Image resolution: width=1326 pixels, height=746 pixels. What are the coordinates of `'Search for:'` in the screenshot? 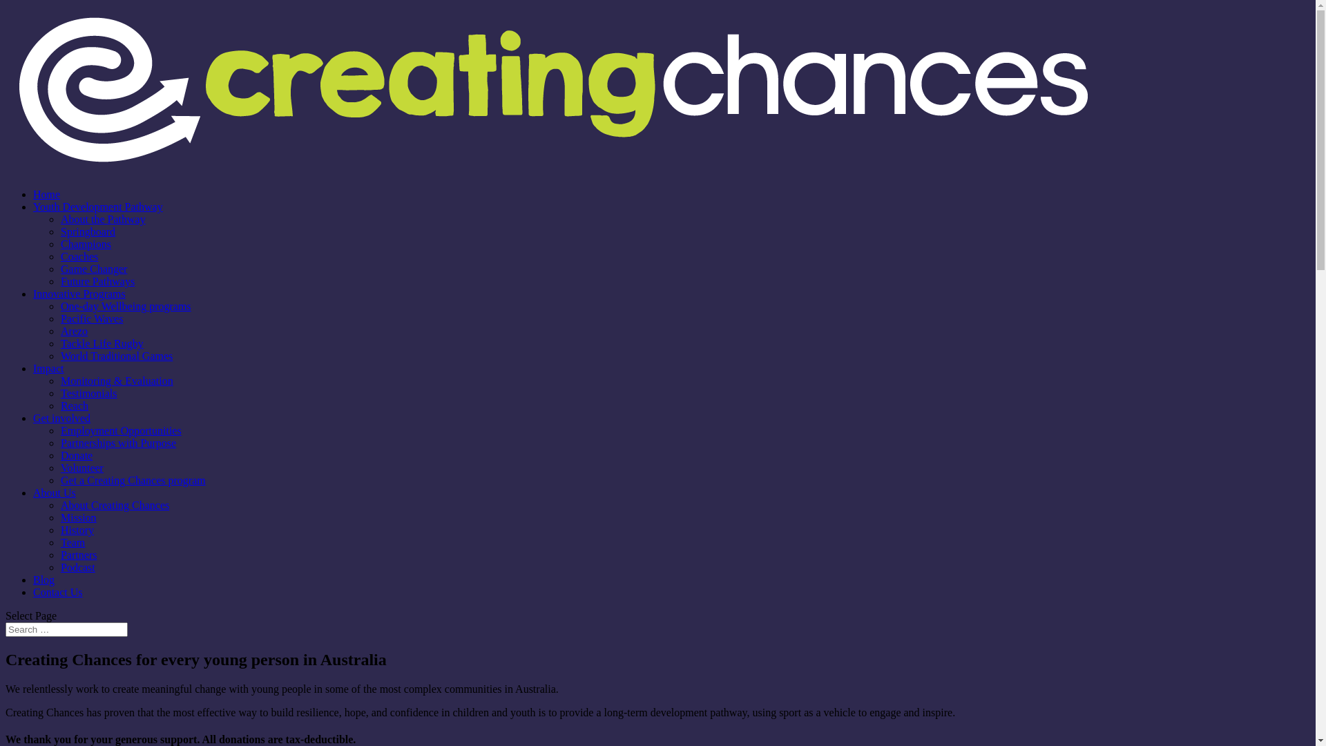 It's located at (6, 629).